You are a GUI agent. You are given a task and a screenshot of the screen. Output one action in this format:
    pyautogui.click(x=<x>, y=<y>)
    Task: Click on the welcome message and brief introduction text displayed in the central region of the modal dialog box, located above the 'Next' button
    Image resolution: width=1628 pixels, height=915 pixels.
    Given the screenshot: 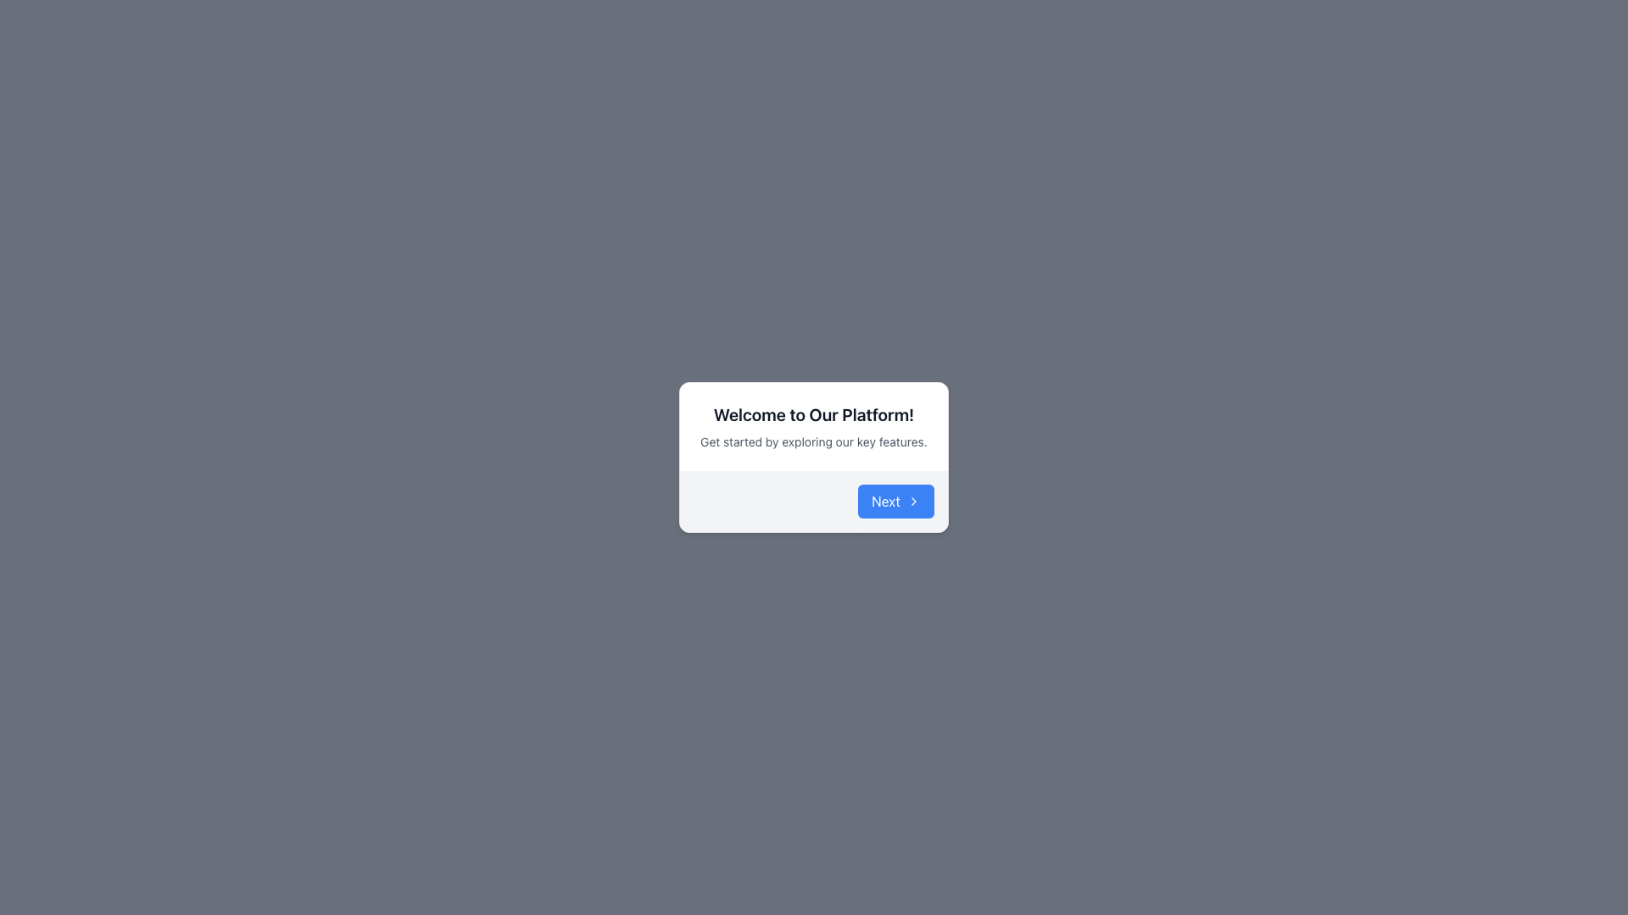 What is the action you would take?
    pyautogui.click(x=814, y=426)
    